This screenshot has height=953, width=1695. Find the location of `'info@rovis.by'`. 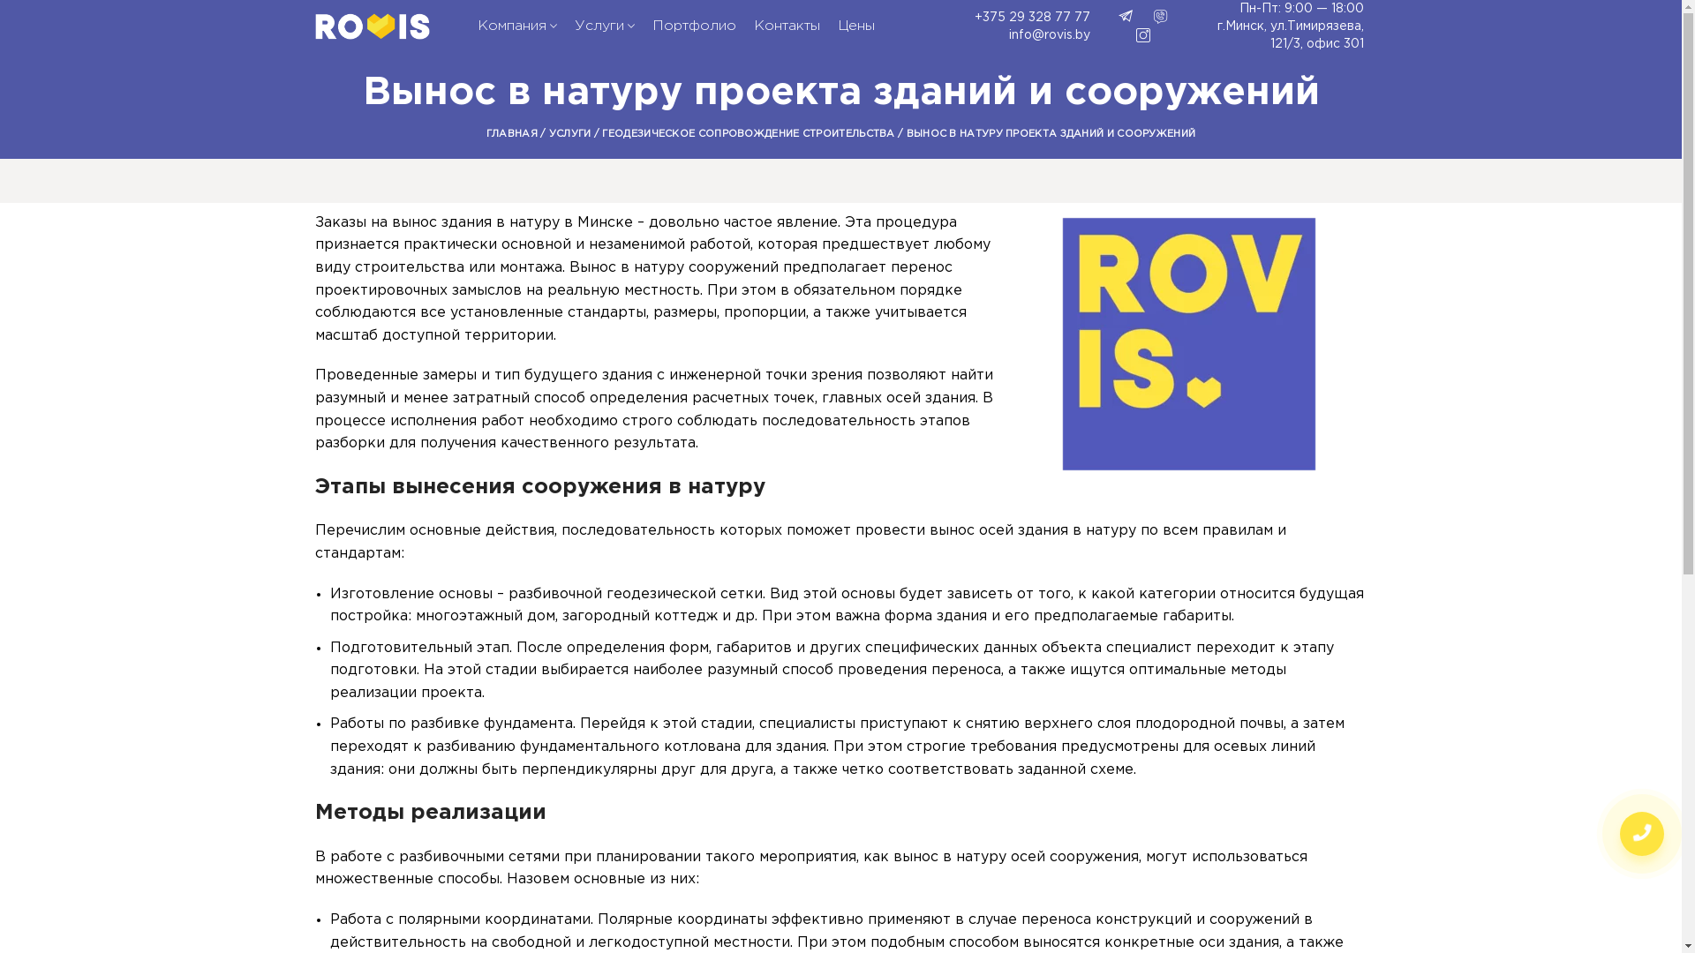

'info@rovis.by' is located at coordinates (1006, 34).